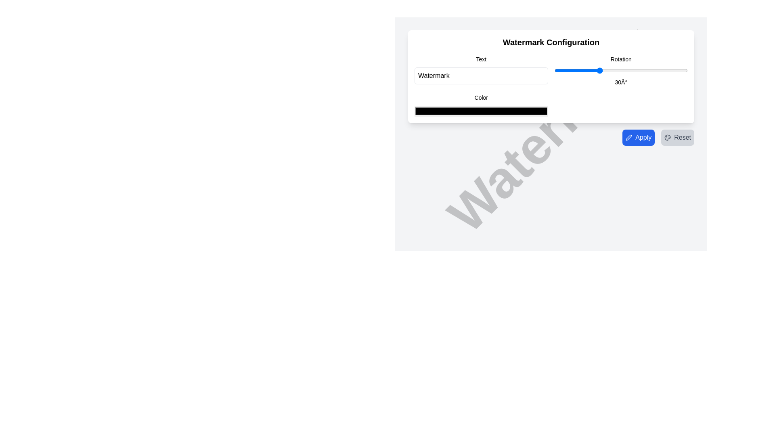  Describe the element at coordinates (628, 137) in the screenshot. I see `the edit icon located at the top-right corner next to the 'Apply' button to initiate editing functionality or open a modal/dialog` at that location.